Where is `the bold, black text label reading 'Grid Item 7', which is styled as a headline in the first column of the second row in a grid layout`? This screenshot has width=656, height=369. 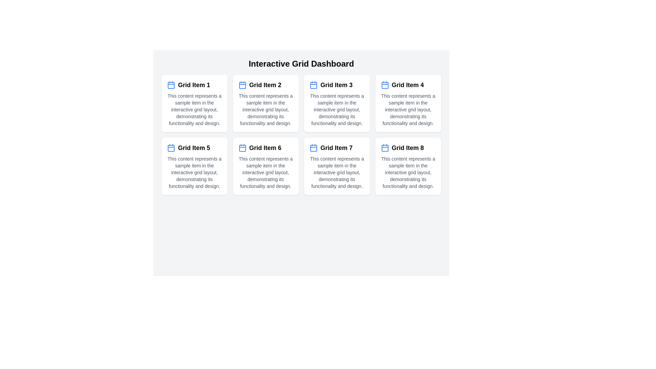 the bold, black text label reading 'Grid Item 7', which is styled as a headline in the first column of the second row in a grid layout is located at coordinates (336, 147).